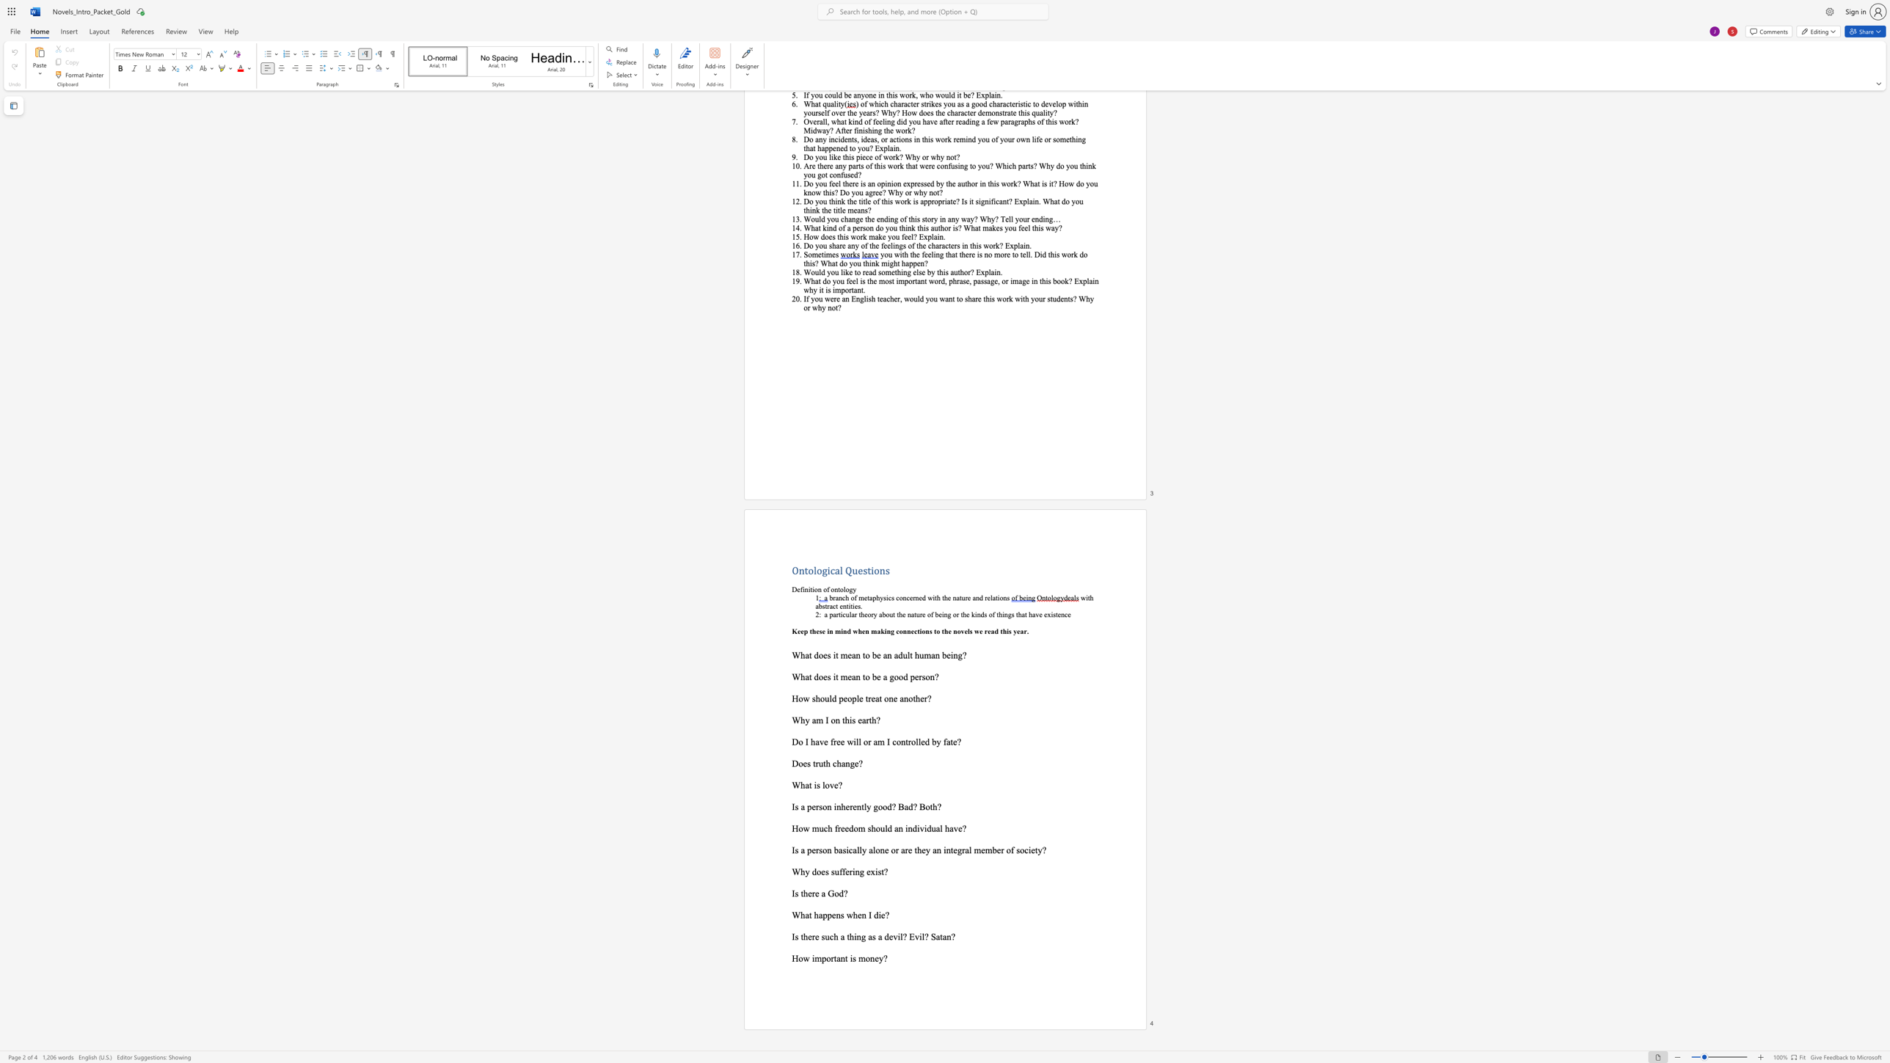 The height and width of the screenshot is (1063, 1890). What do you see at coordinates (851, 569) in the screenshot?
I see `the subset text "ue" within the text "Ontological Questions"` at bounding box center [851, 569].